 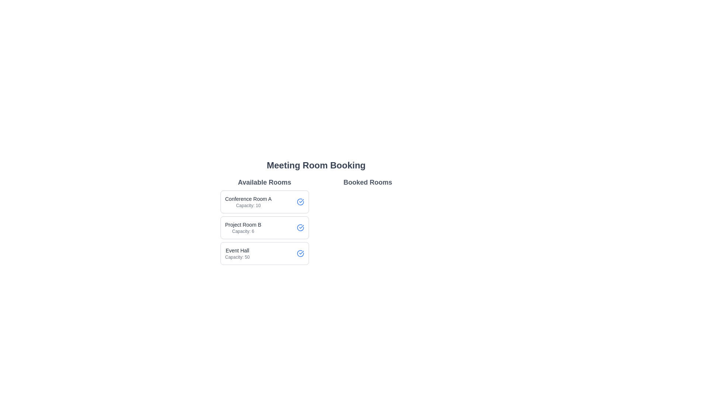 I want to click on the circular blue icon with a checkmark inside it located to the far right of the 'Conference Room A Capacity: 10' card in the 'Available Rooms' section, so click(x=300, y=202).